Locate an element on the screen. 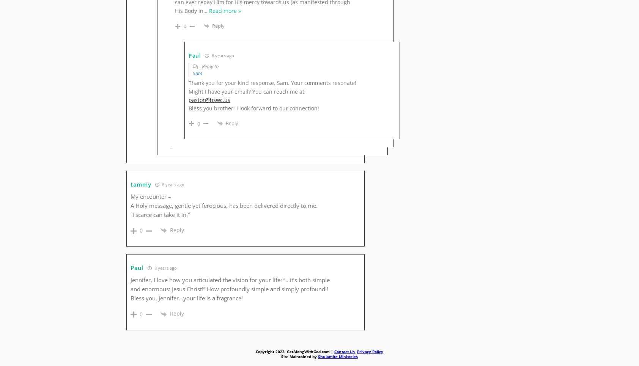  'Contact Us' is located at coordinates (344, 351).